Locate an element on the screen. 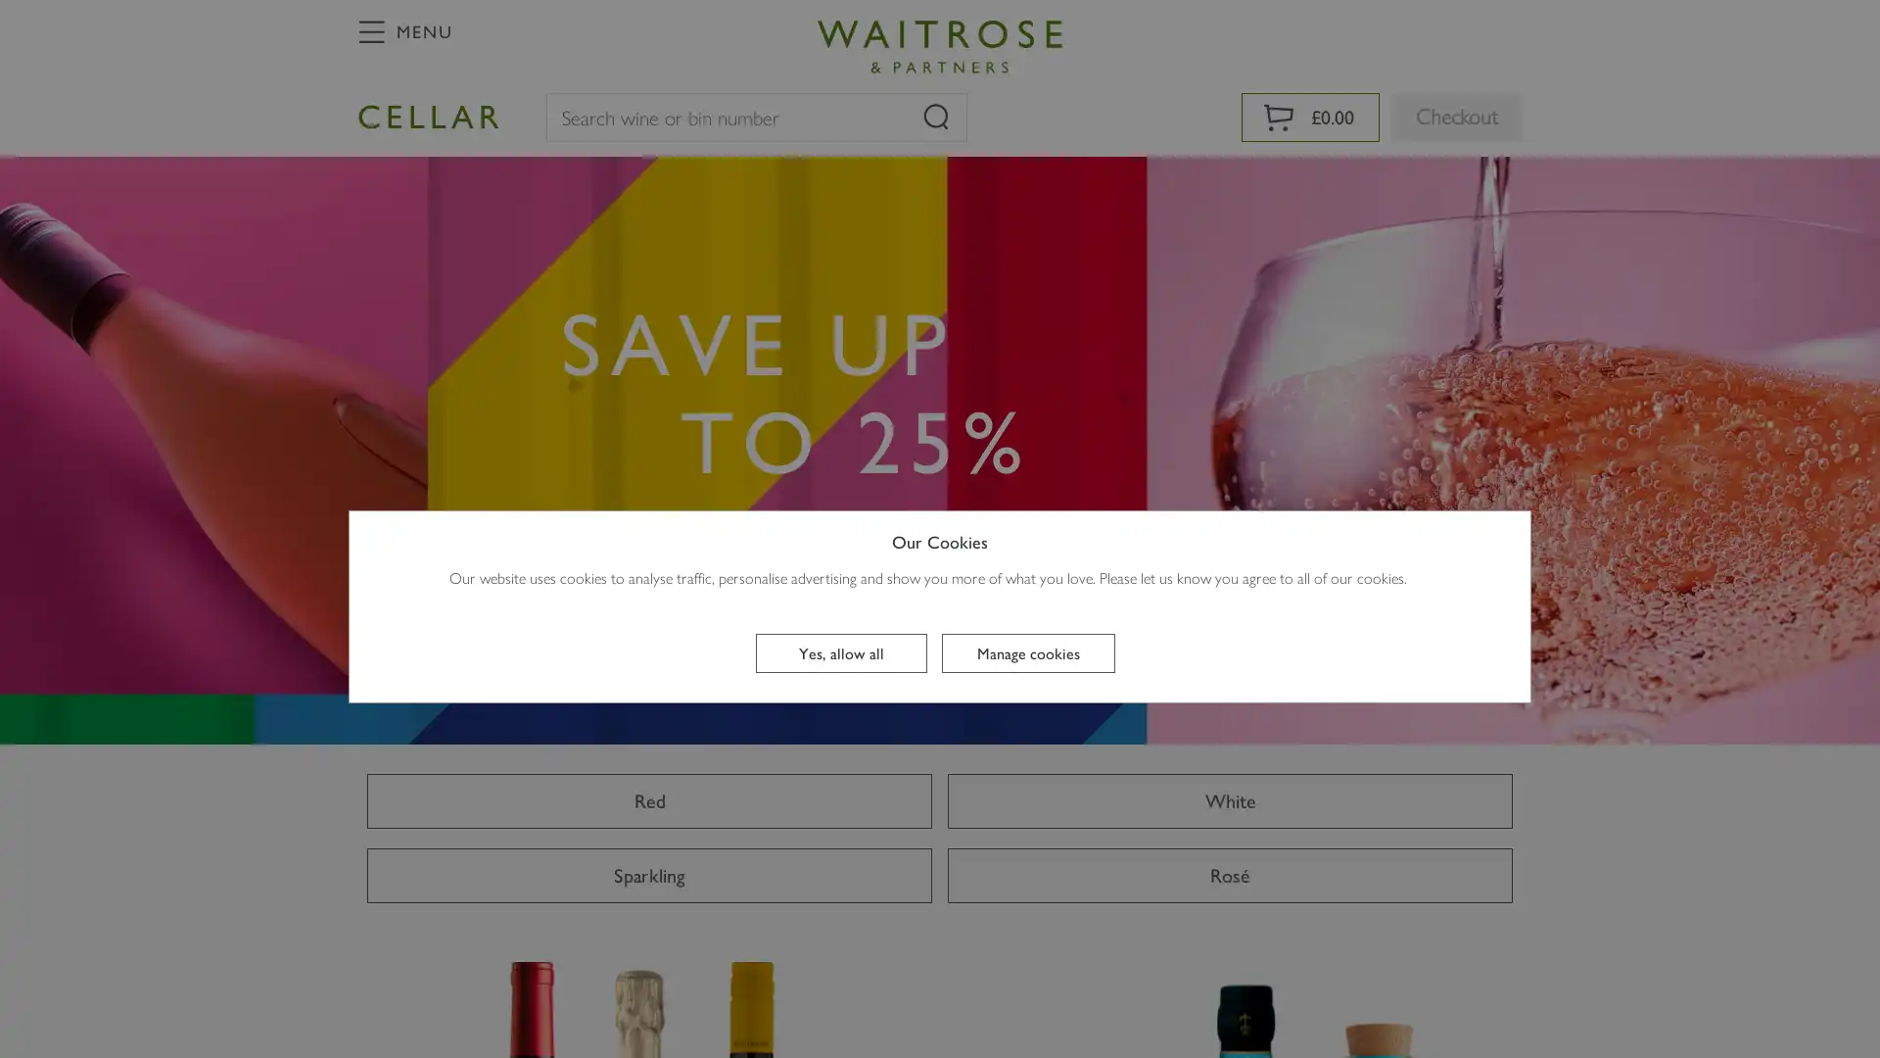 This screenshot has height=1058, width=1880. Manage cookies is located at coordinates (1026, 653).